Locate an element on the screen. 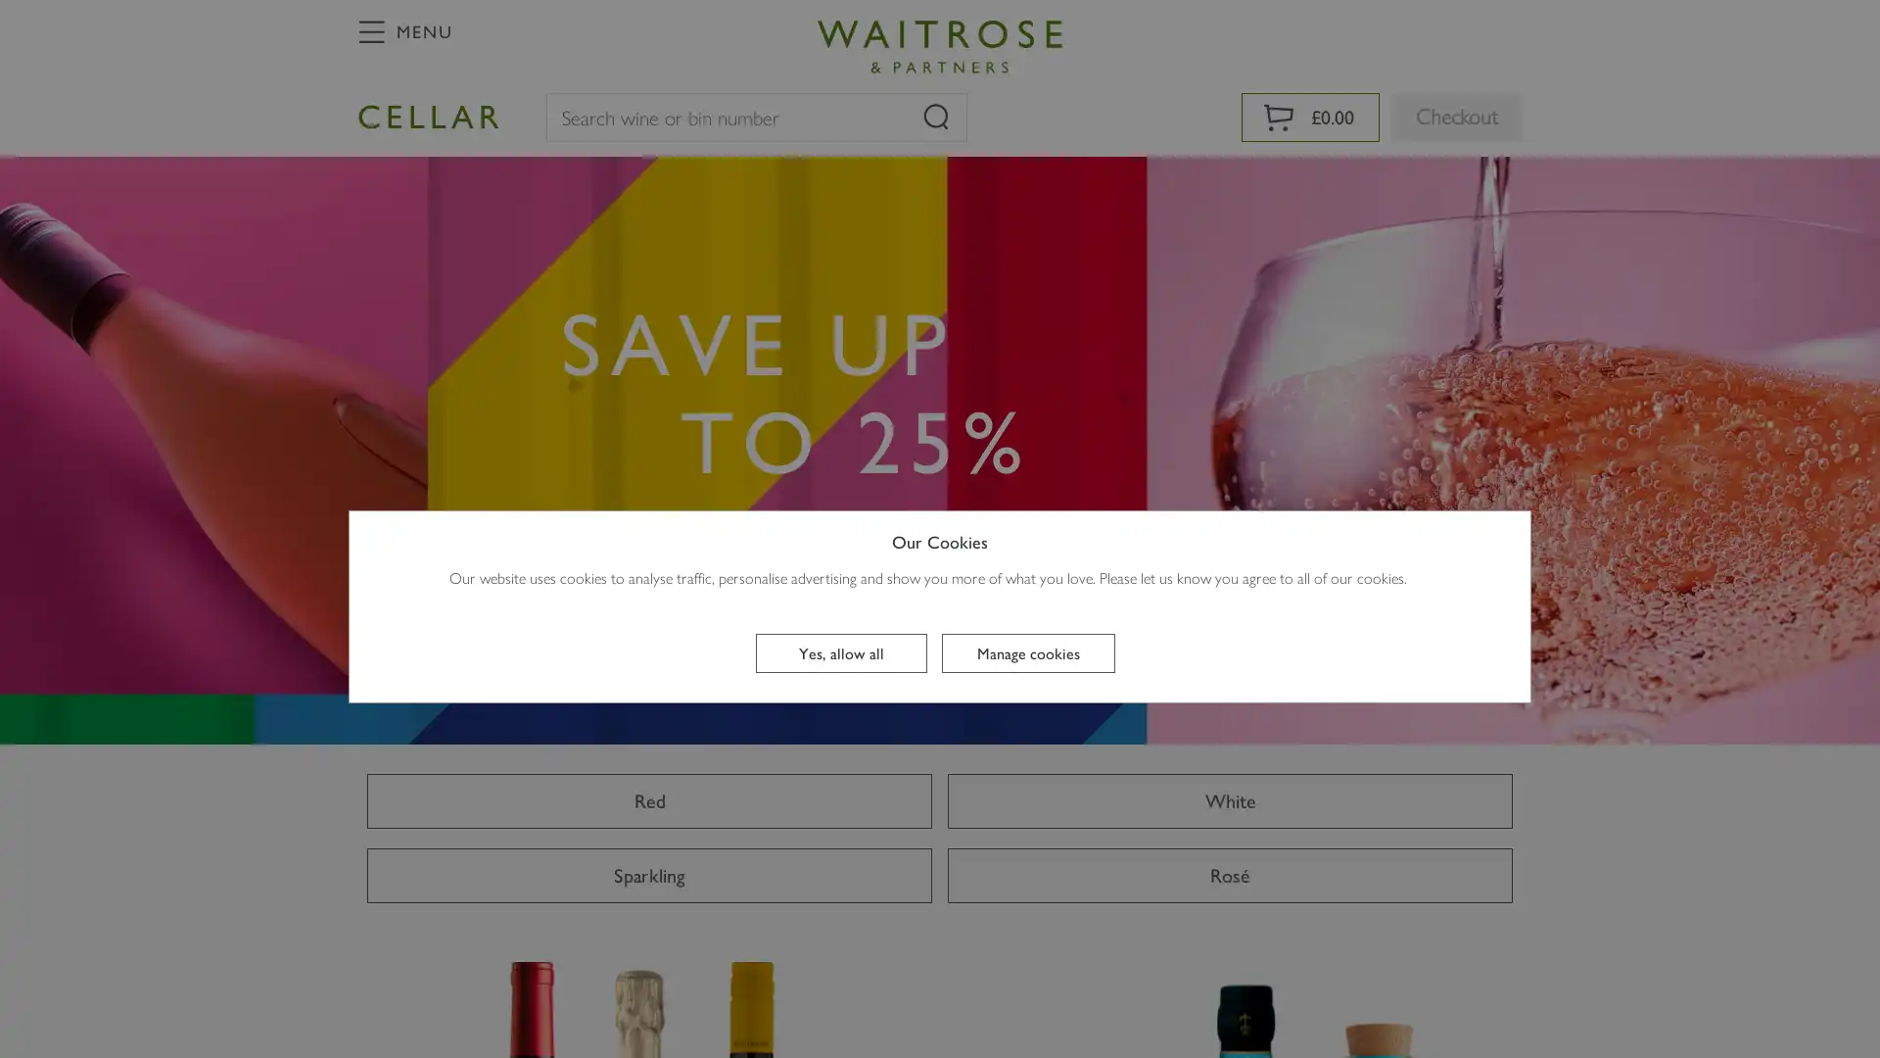 This screenshot has height=1058, width=1880. Manage cookies is located at coordinates (1026, 653).